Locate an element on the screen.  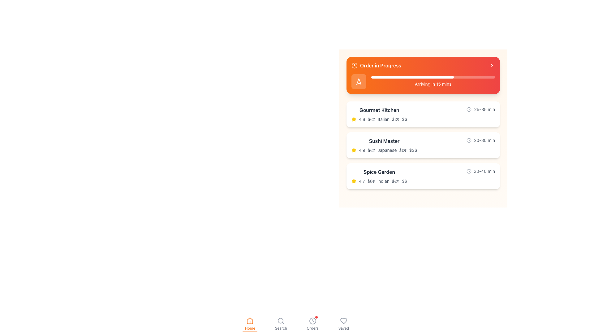
the orange indicator line located beneath the 'Home' text label in the footer navigation bar, which visually indicates the currently active tab is located at coordinates (250, 331).